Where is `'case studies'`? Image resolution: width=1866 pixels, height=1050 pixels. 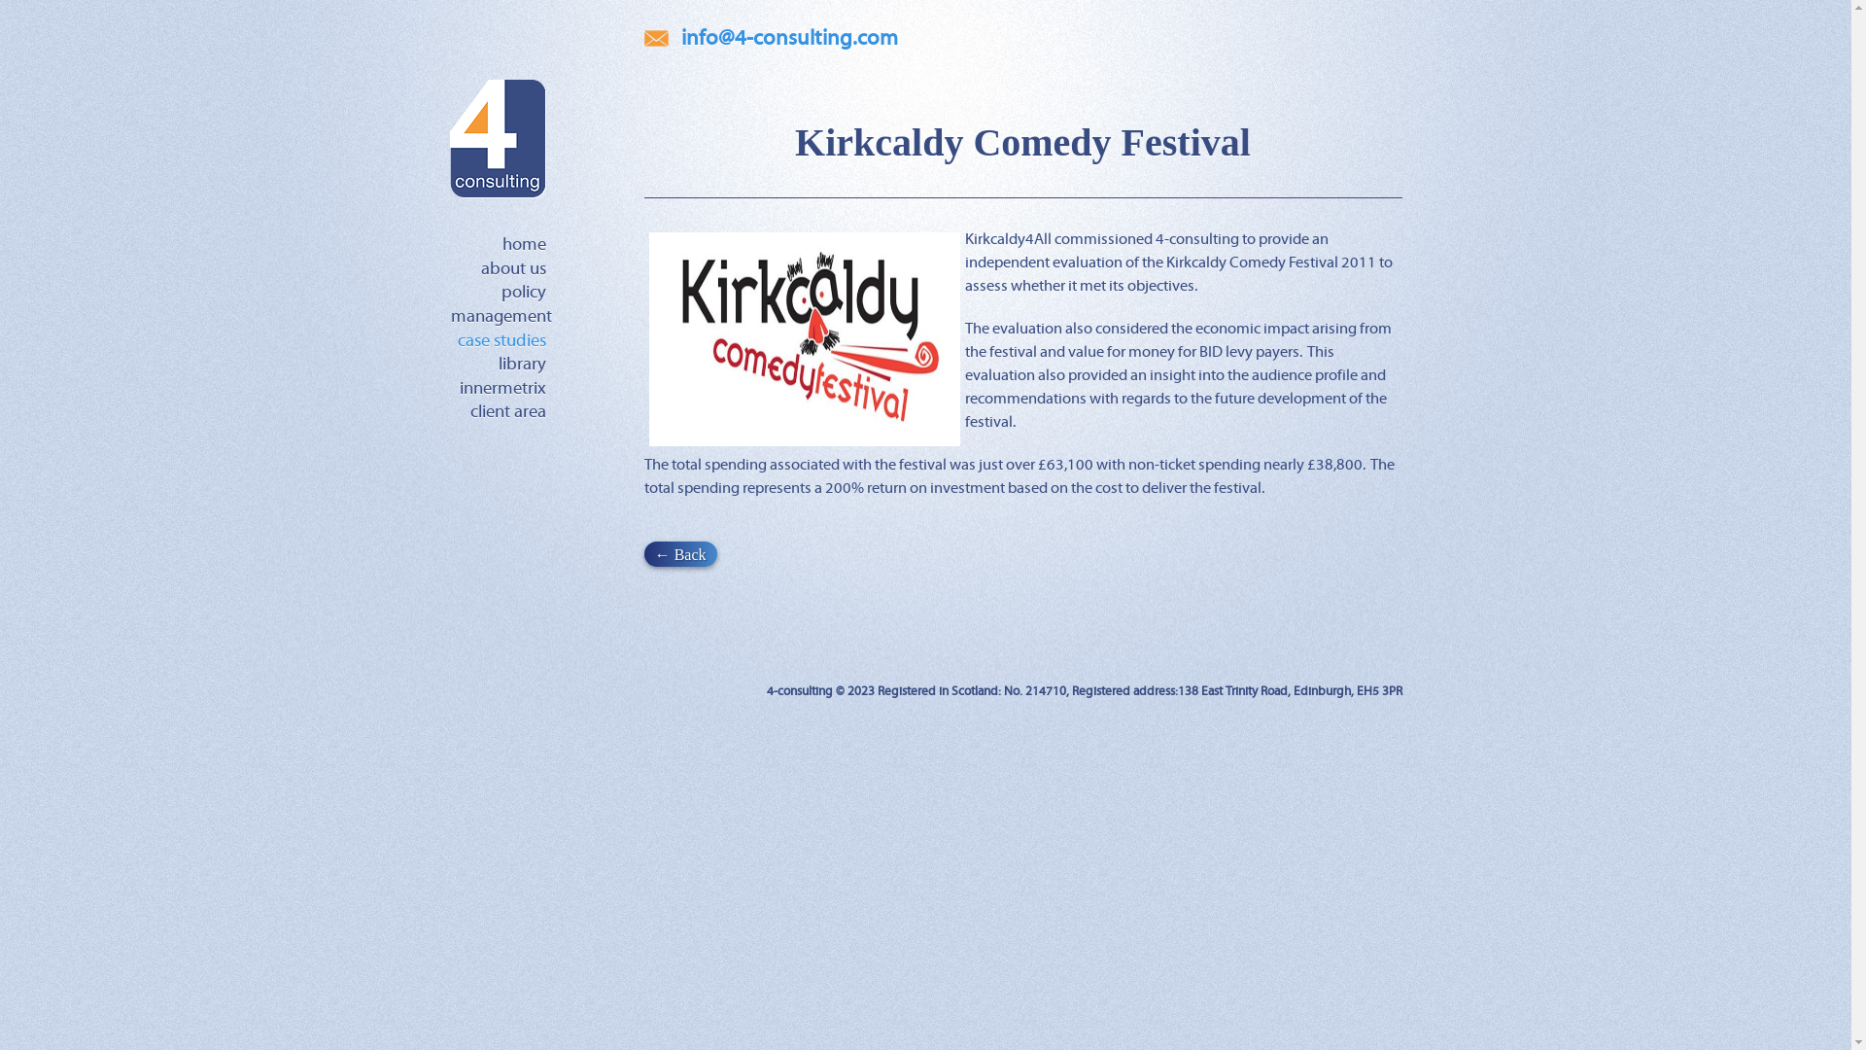 'case studies' is located at coordinates (501, 339).